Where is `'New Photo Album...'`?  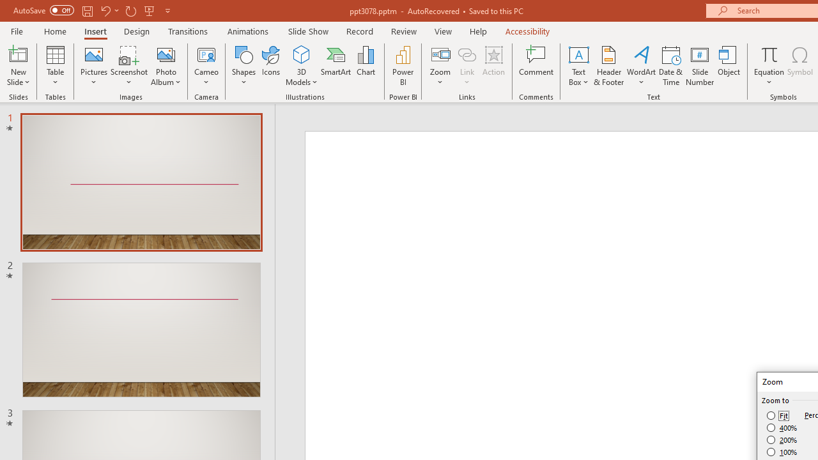 'New Photo Album...' is located at coordinates (165, 54).